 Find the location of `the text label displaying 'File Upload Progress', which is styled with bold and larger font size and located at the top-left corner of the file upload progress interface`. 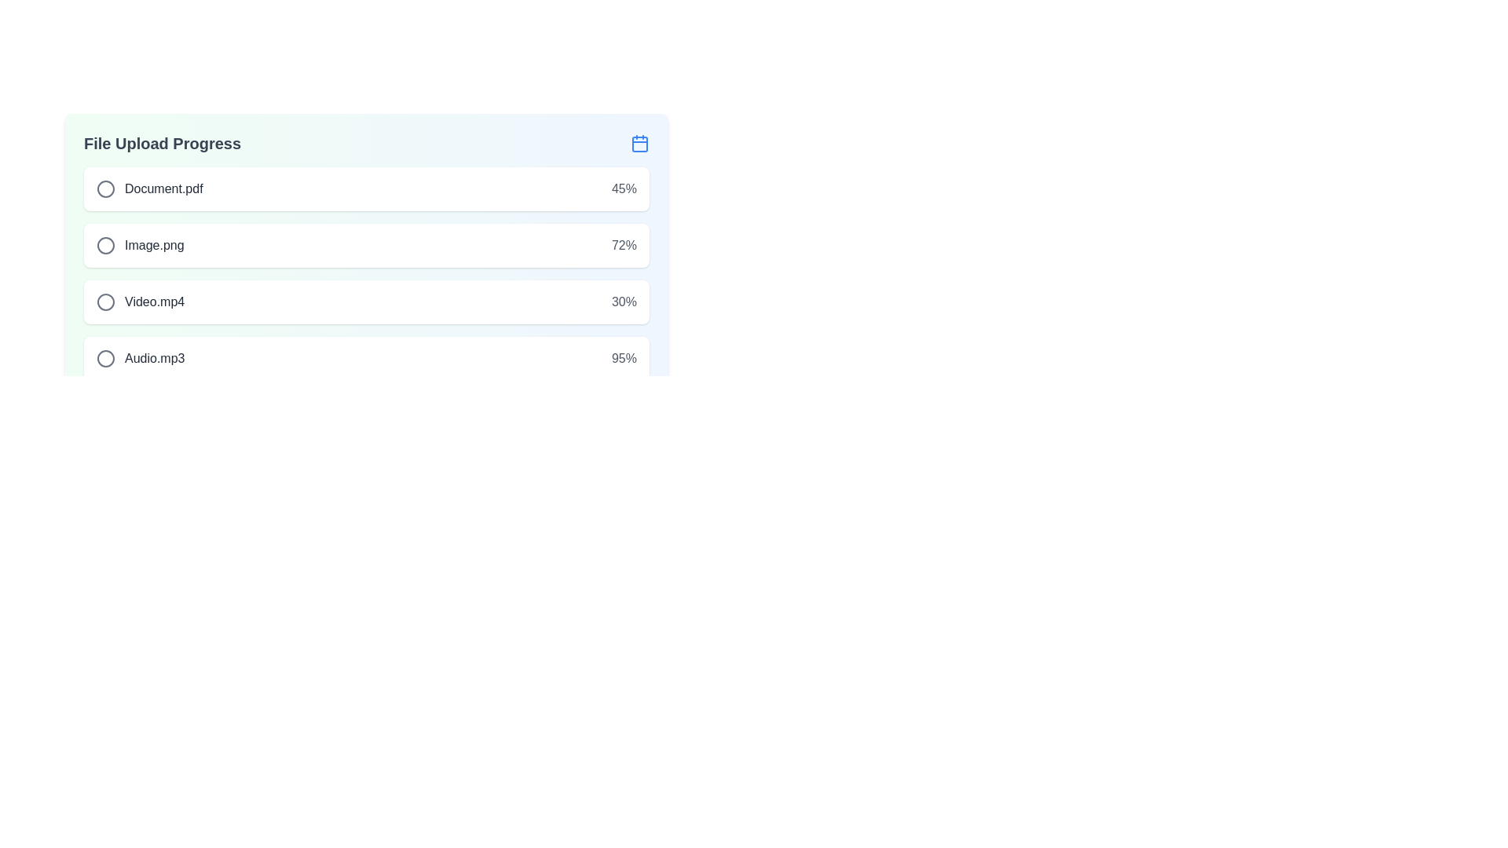

the text label displaying 'File Upload Progress', which is styled with bold and larger font size and located at the top-left corner of the file upload progress interface is located at coordinates (162, 143).